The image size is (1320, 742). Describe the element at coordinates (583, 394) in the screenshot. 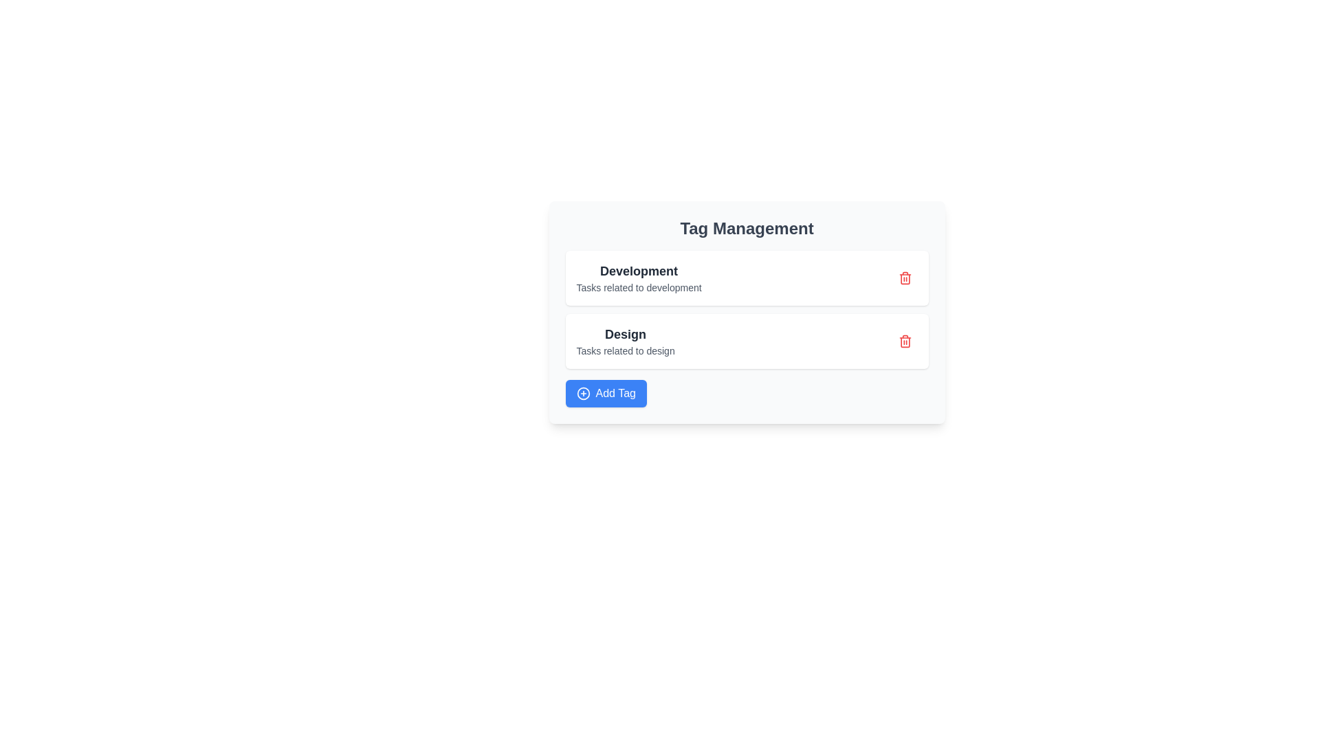

I see `the blue circular graphical element with a white outline, which is part of the icon located to the left of the 'Add Tag' button in the Tag Management interface` at that location.